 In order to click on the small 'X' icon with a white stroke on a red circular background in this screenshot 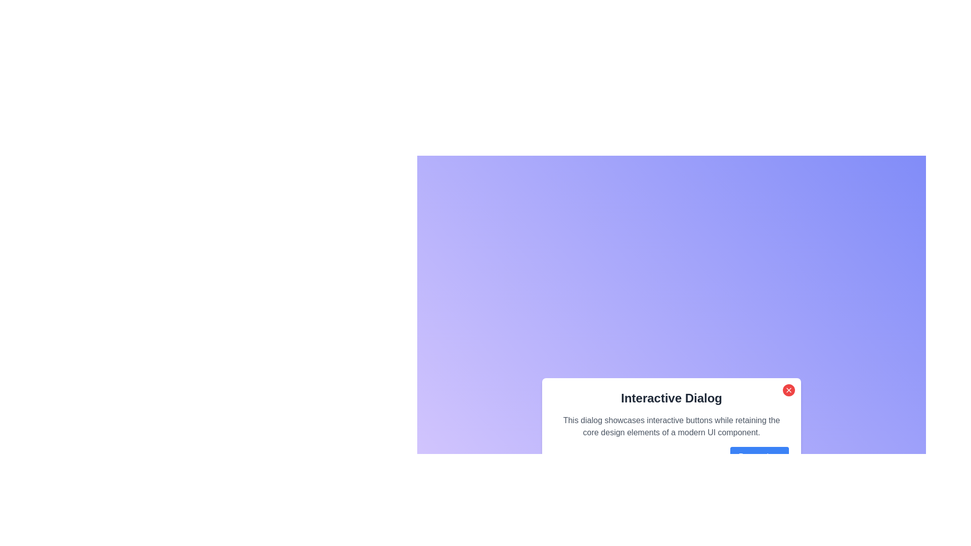, I will do `click(788, 389)`.